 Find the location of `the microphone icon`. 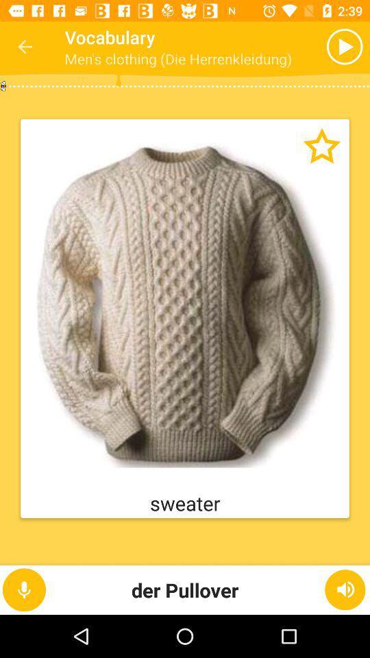

the microphone icon is located at coordinates (24, 589).